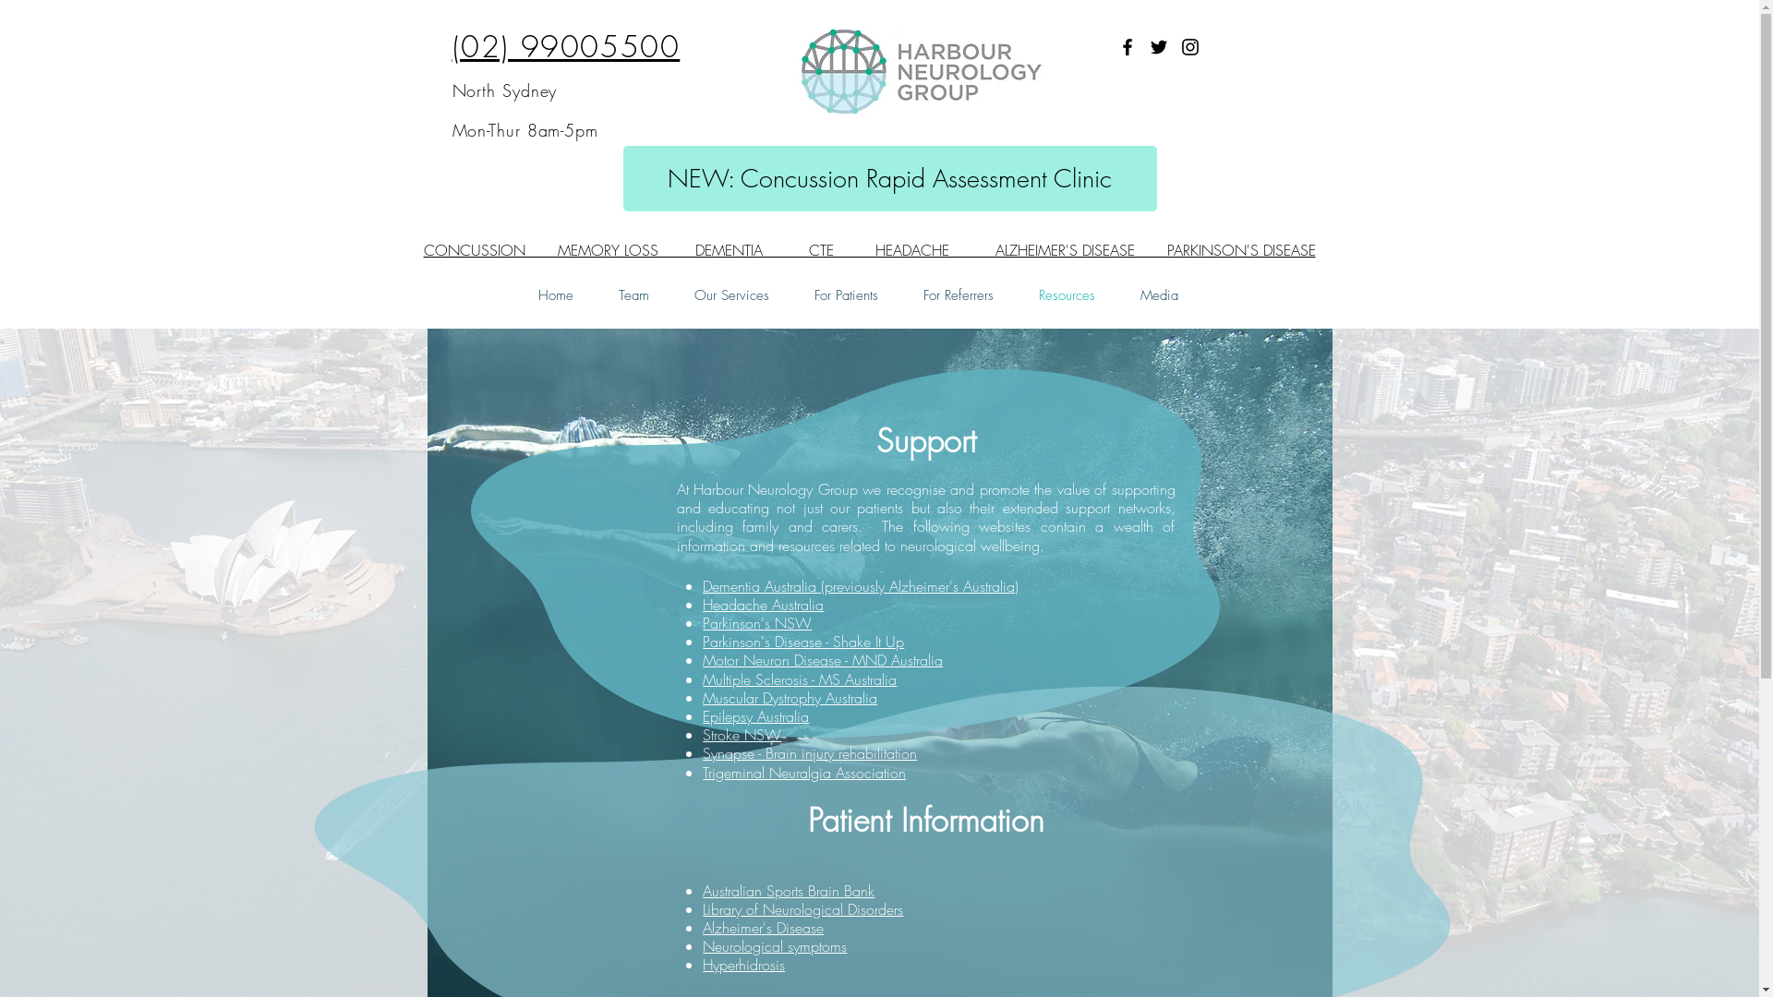 Image resolution: width=1773 pixels, height=997 pixels. Describe the element at coordinates (763, 605) in the screenshot. I see `'Headache Australia'` at that location.